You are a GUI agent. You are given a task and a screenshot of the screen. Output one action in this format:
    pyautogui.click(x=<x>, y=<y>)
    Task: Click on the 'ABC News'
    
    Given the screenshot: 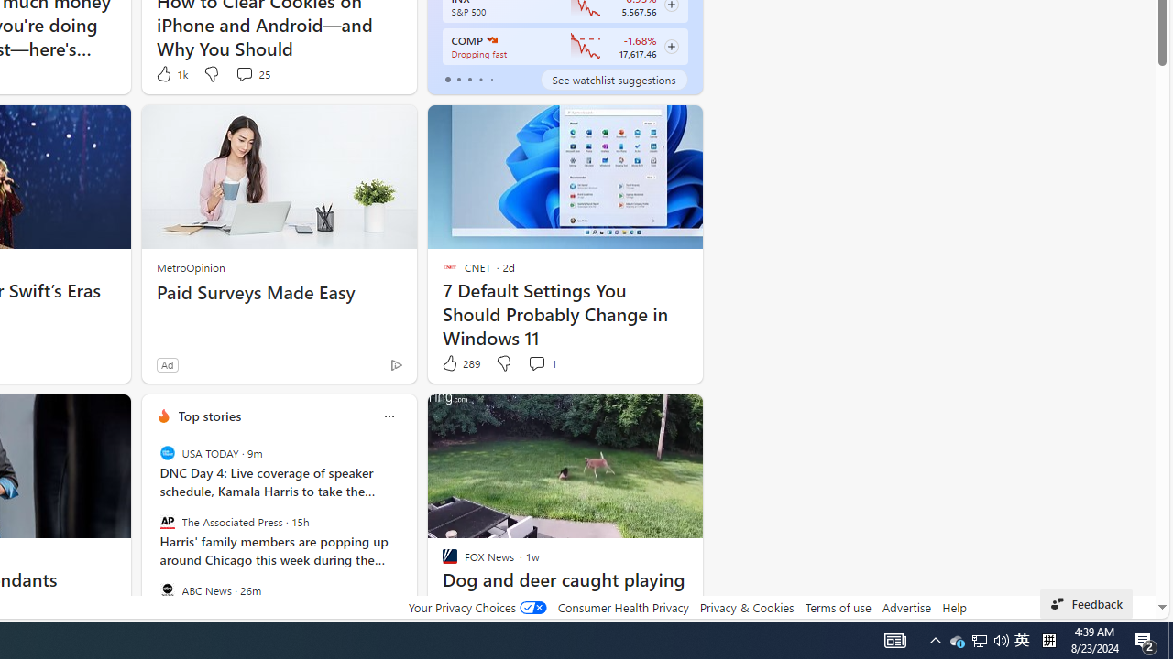 What is the action you would take?
    pyautogui.click(x=167, y=589)
    